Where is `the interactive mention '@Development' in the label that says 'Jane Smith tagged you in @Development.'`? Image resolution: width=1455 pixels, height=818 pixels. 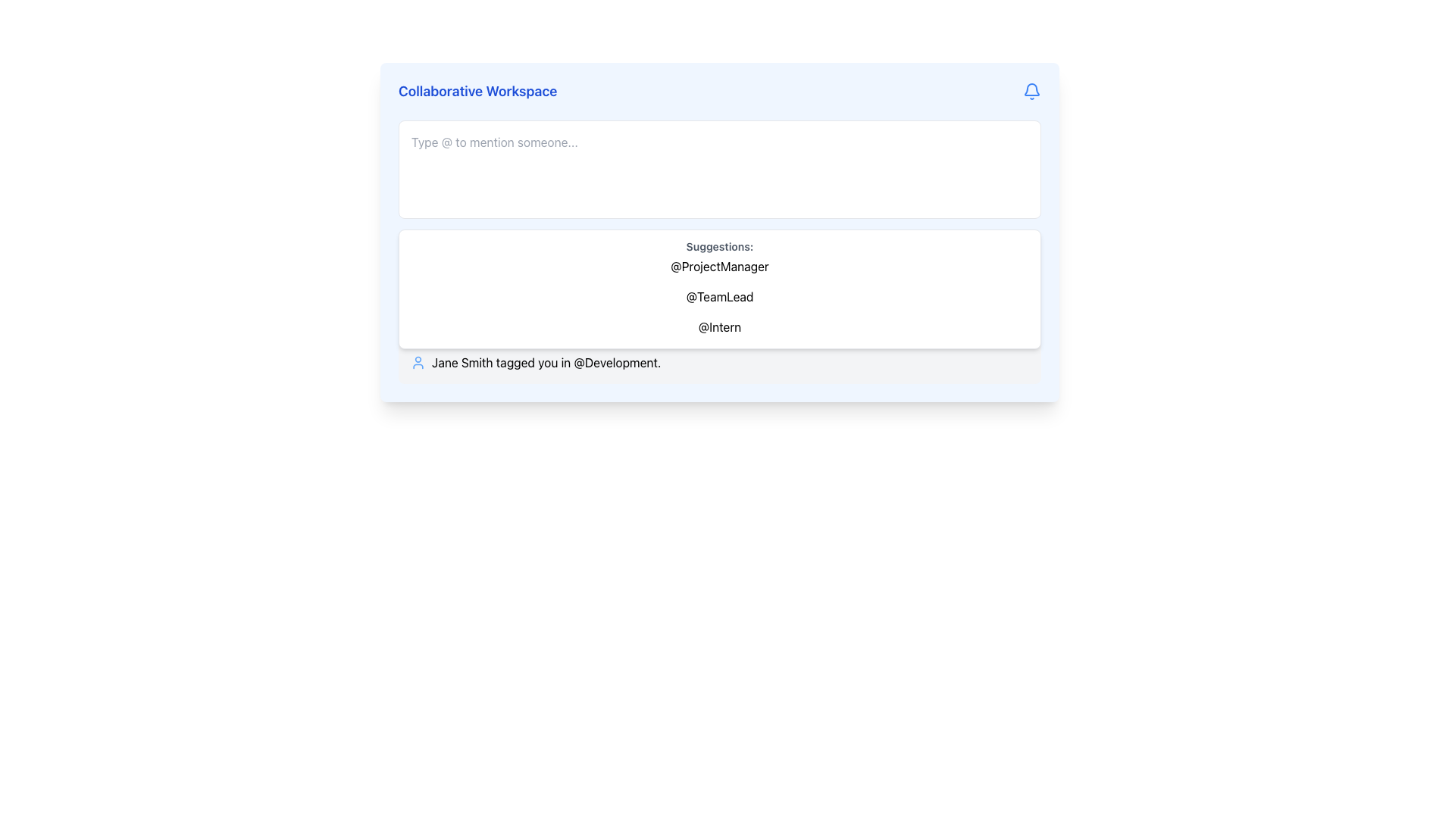 the interactive mention '@Development' in the label that says 'Jane Smith tagged you in @Development.' is located at coordinates (546, 362).